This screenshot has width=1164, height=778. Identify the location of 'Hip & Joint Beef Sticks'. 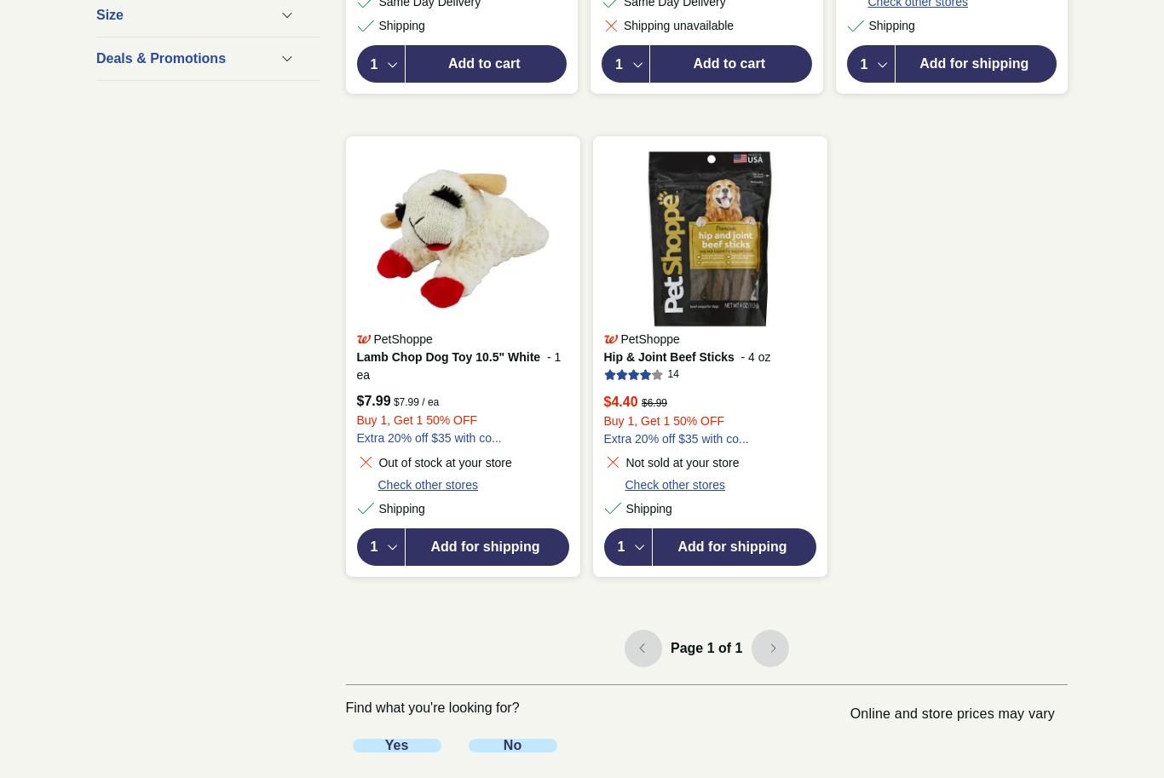
(668, 356).